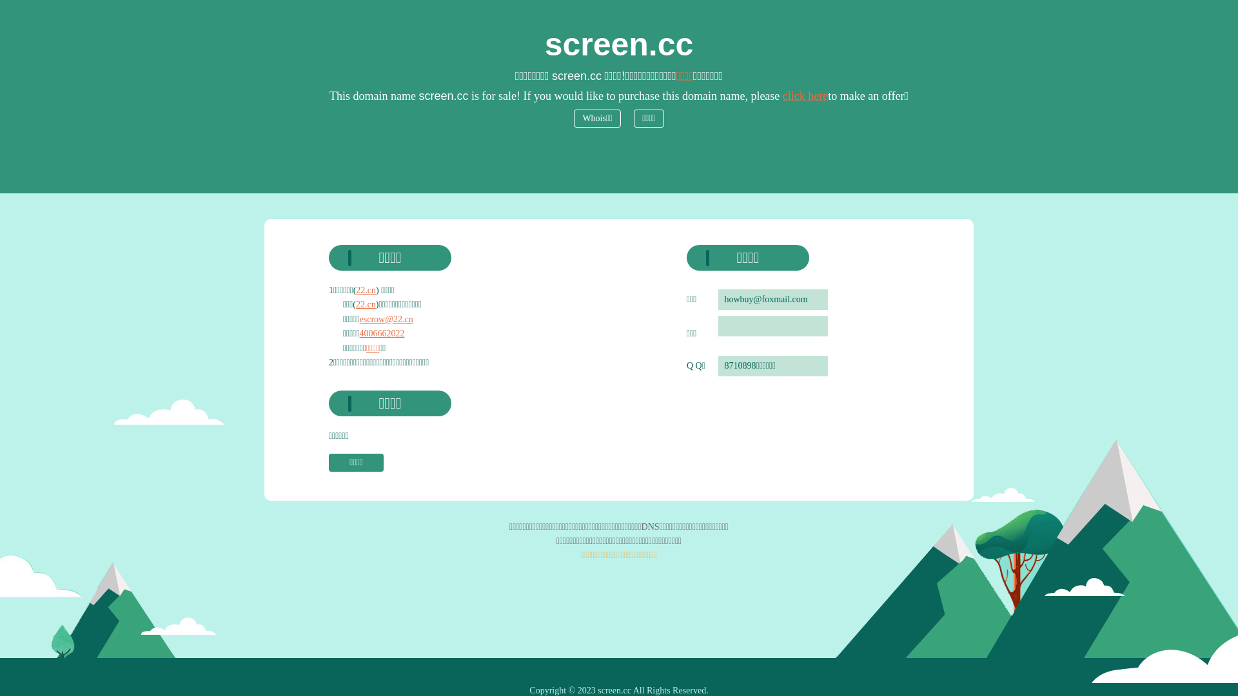  Describe the element at coordinates (382, 333) in the screenshot. I see `'4006662022'` at that location.